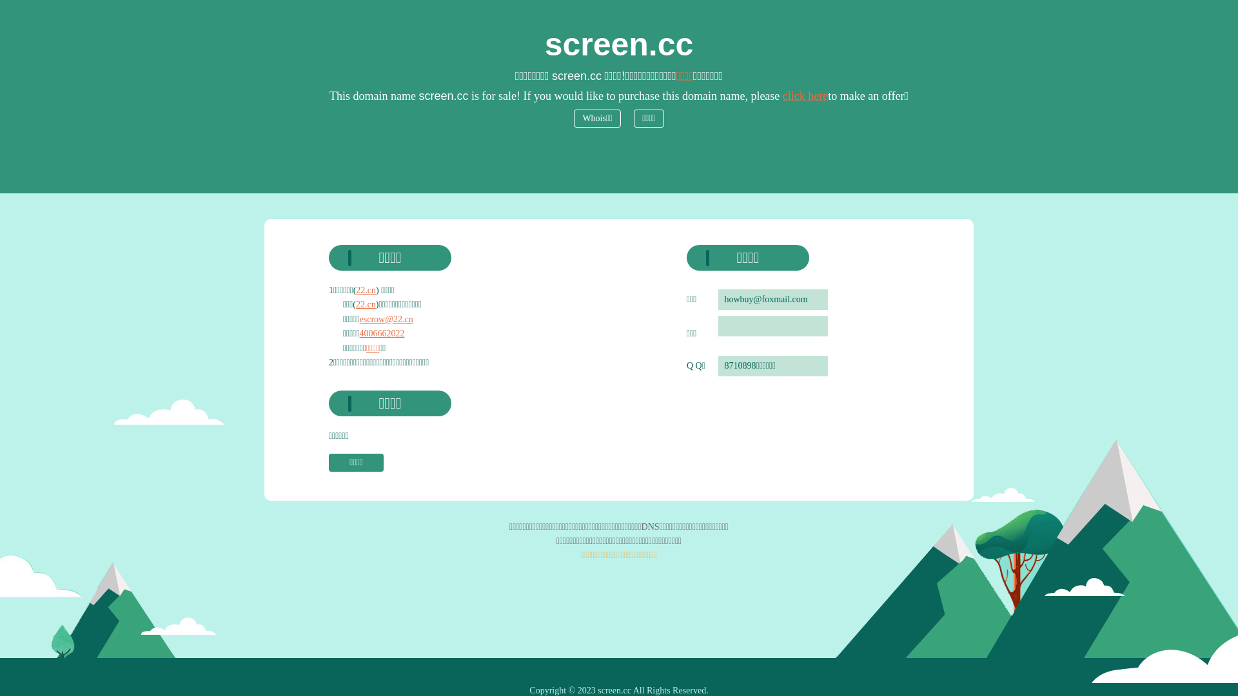  Describe the element at coordinates (382, 333) in the screenshot. I see `'4006662022'` at that location.